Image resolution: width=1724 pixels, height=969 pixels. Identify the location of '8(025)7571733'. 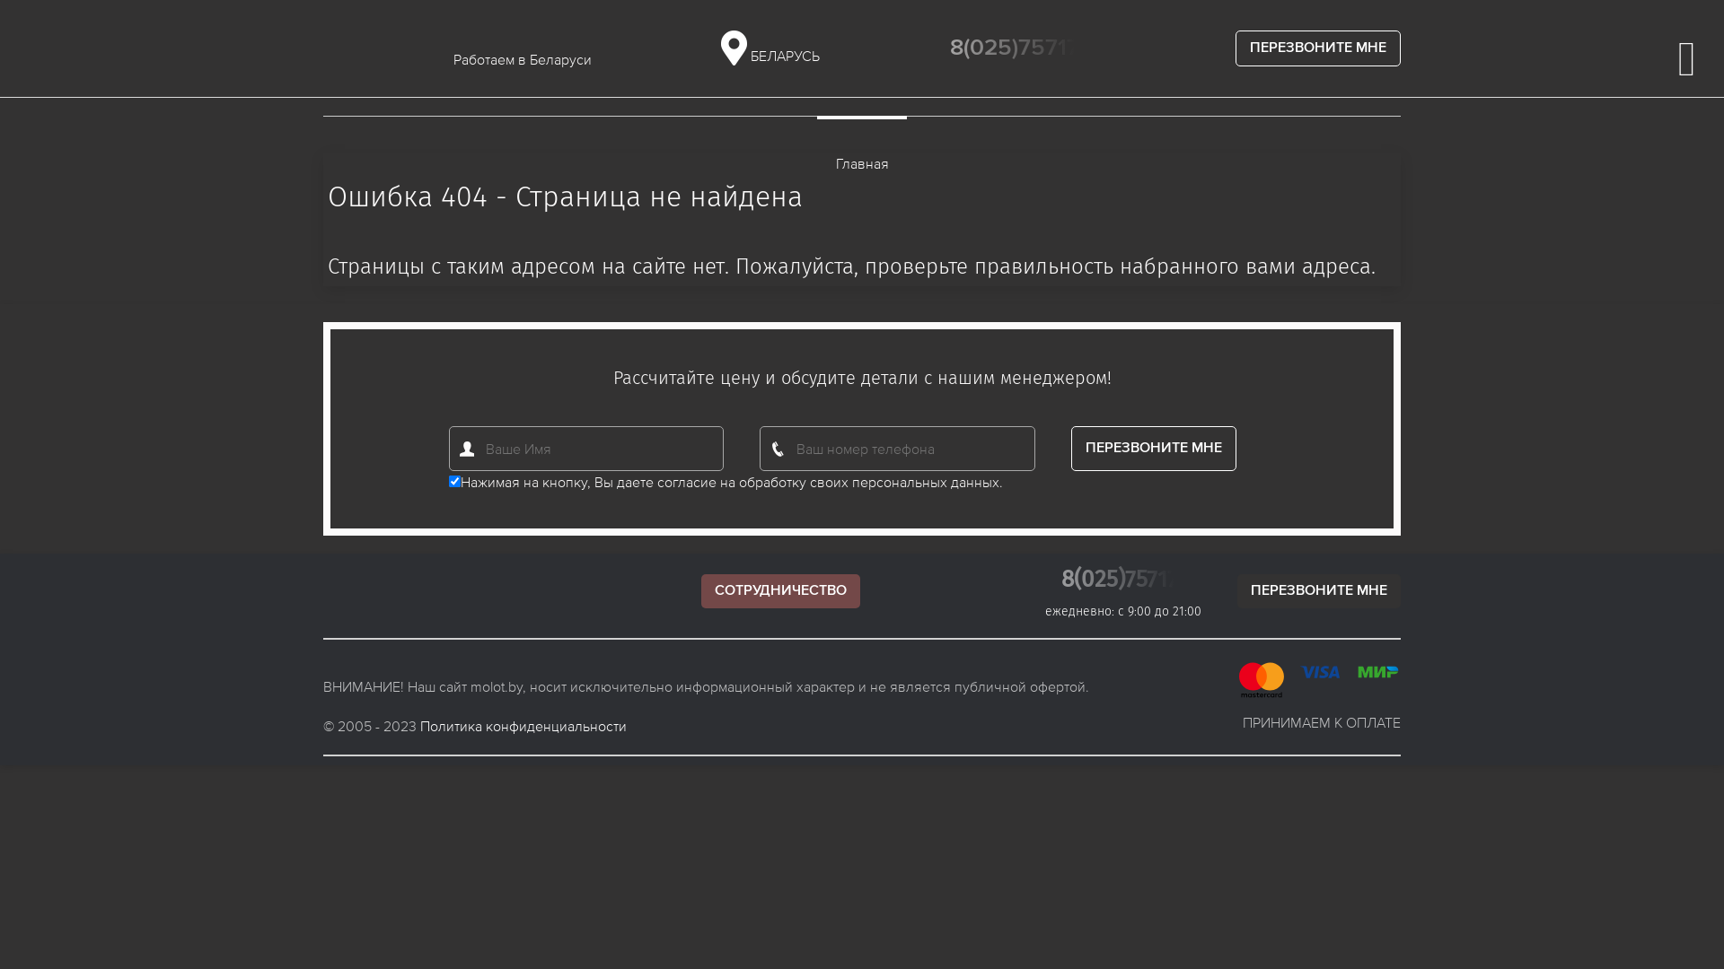
(1028, 48).